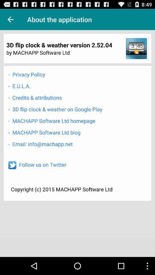 The image size is (155, 275). Describe the element at coordinates (136, 48) in the screenshot. I see `the item to the right of by machapp software icon` at that location.